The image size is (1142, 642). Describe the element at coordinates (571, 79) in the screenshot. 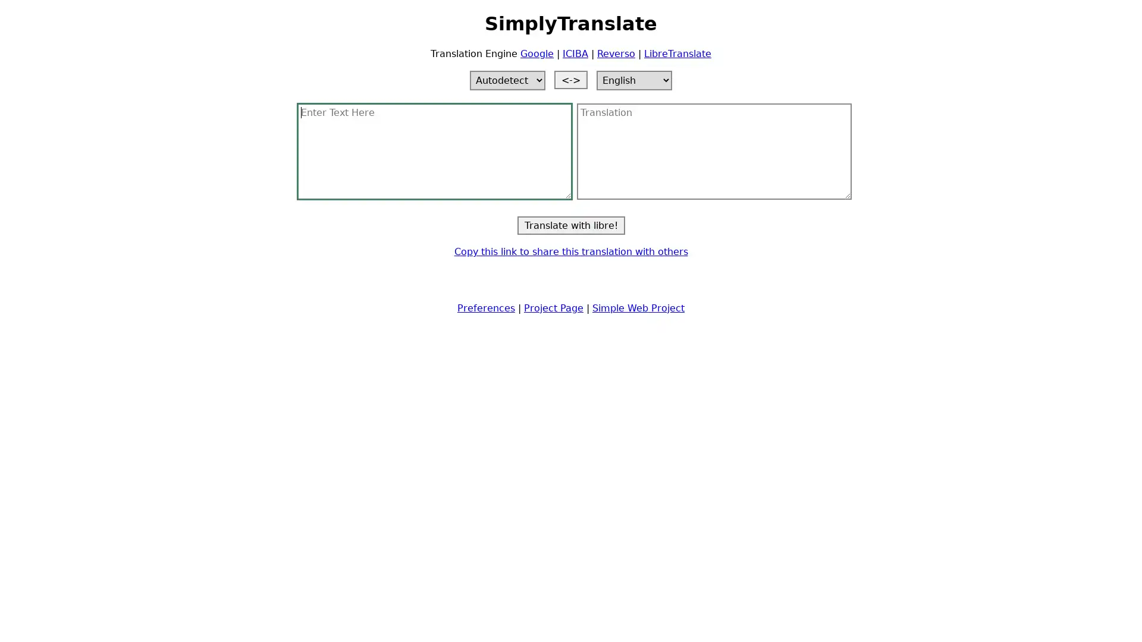

I see `Switch languages` at that location.